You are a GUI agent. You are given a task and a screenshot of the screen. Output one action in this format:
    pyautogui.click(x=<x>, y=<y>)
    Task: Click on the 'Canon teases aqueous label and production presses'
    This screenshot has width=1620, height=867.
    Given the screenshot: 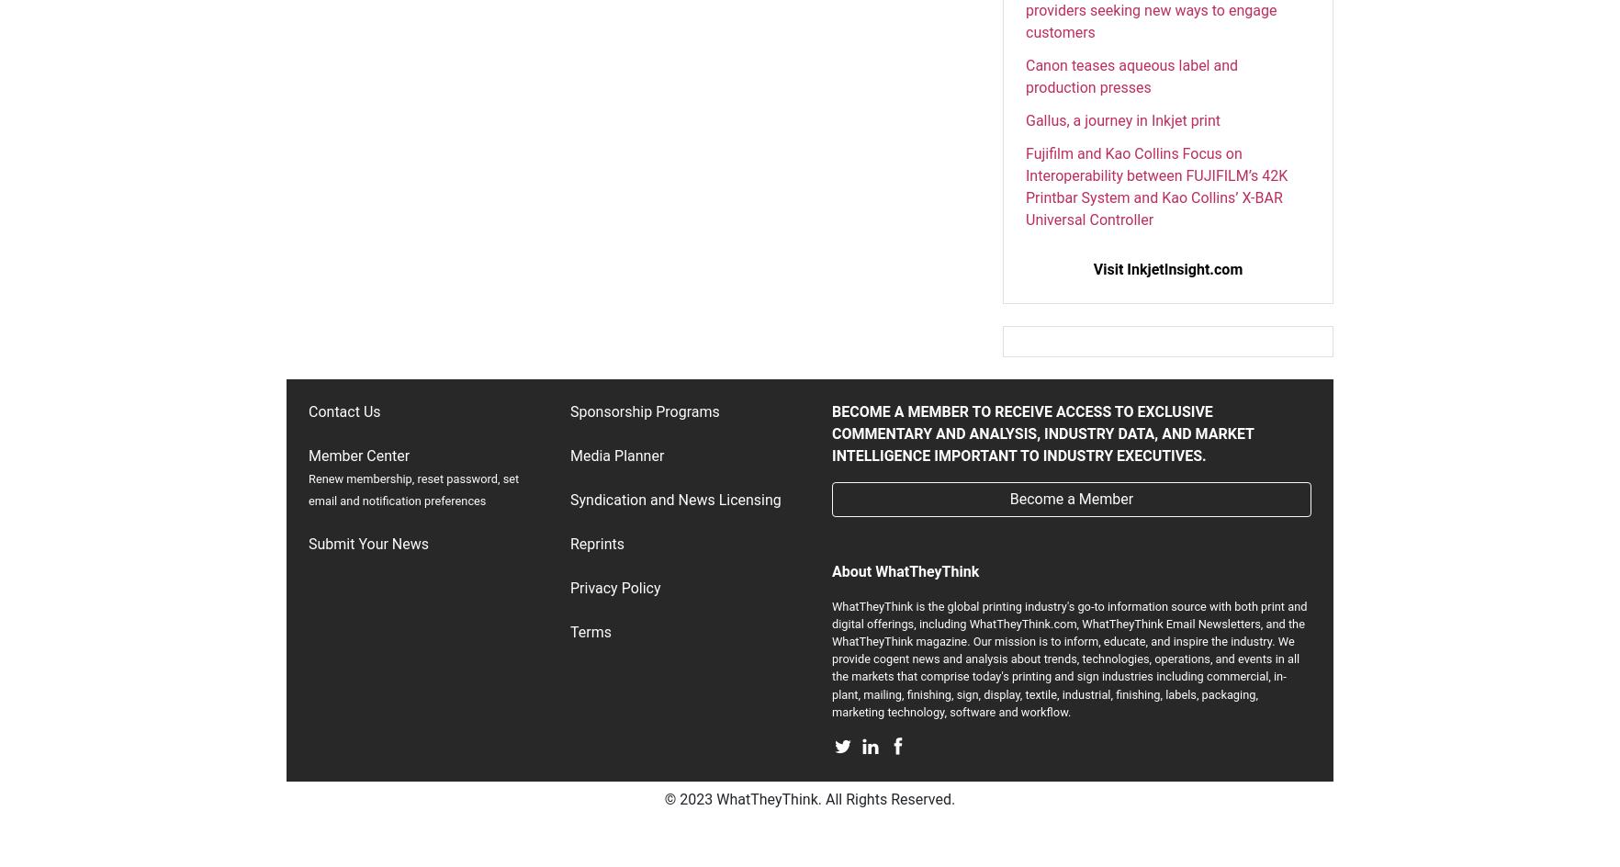 What is the action you would take?
    pyautogui.click(x=1131, y=74)
    